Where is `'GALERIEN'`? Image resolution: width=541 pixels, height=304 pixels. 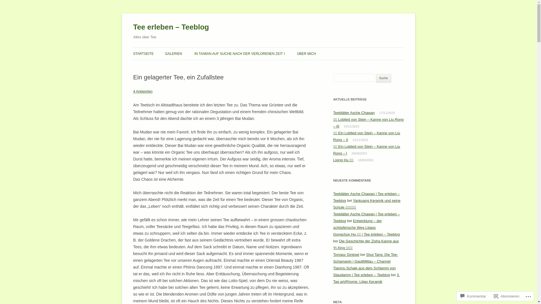 'GALERIEN' is located at coordinates (173, 54).